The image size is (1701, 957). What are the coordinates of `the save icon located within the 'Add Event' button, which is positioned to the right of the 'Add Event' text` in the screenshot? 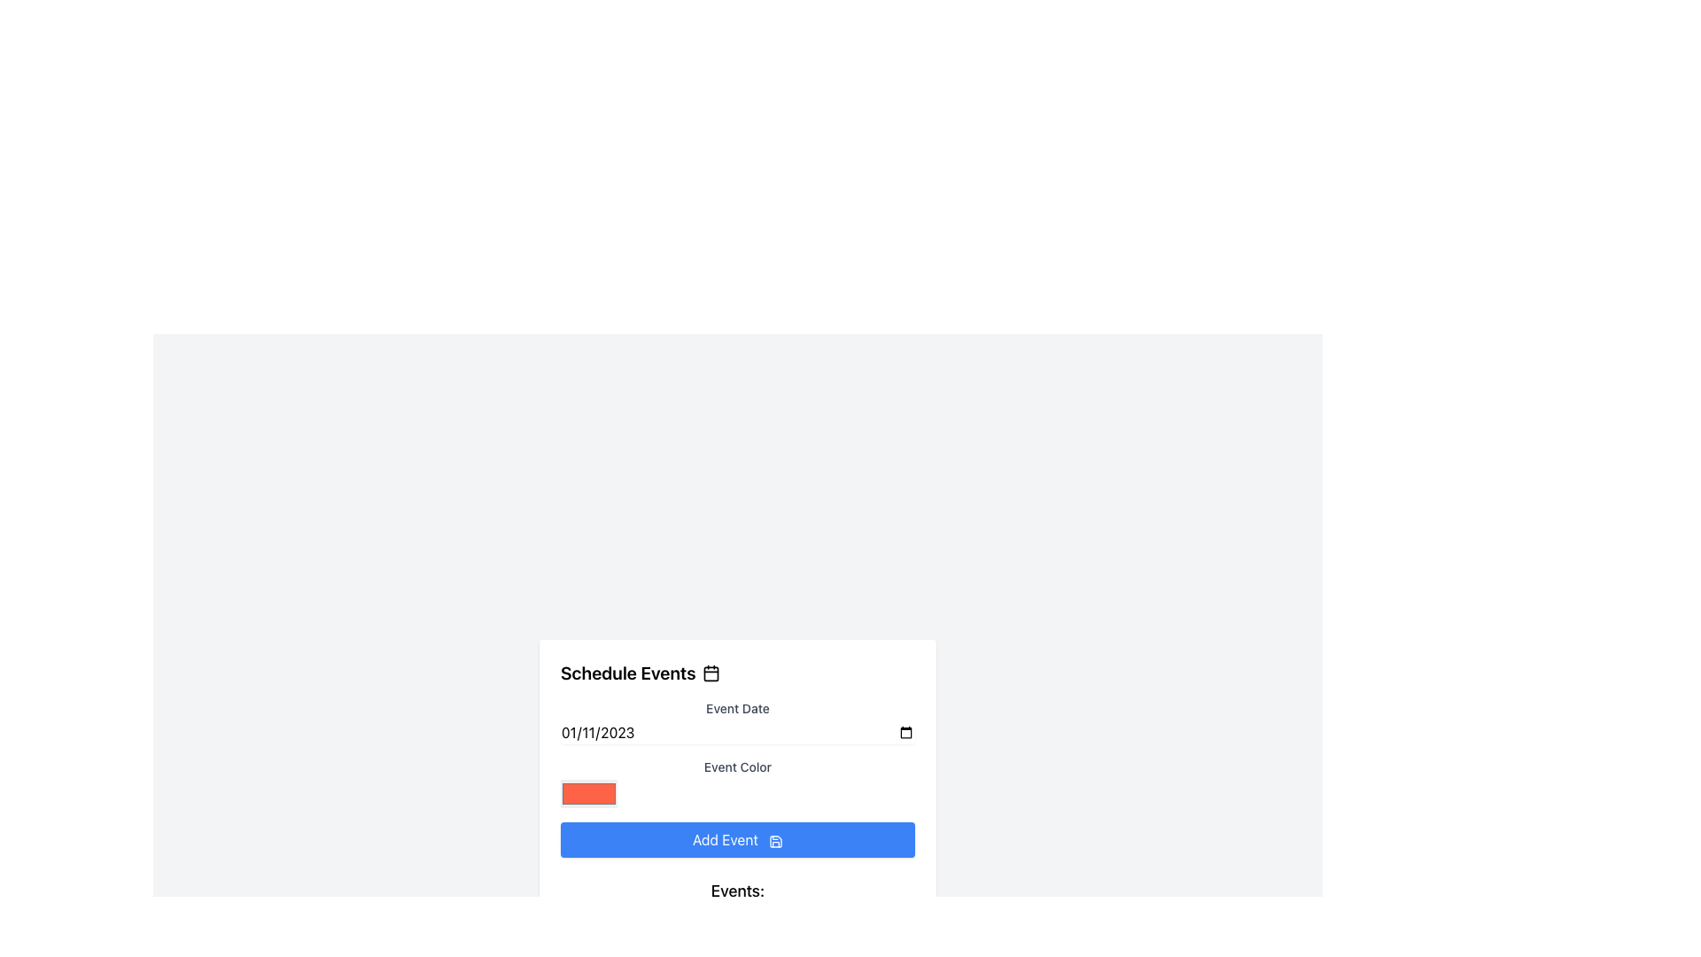 It's located at (775, 839).